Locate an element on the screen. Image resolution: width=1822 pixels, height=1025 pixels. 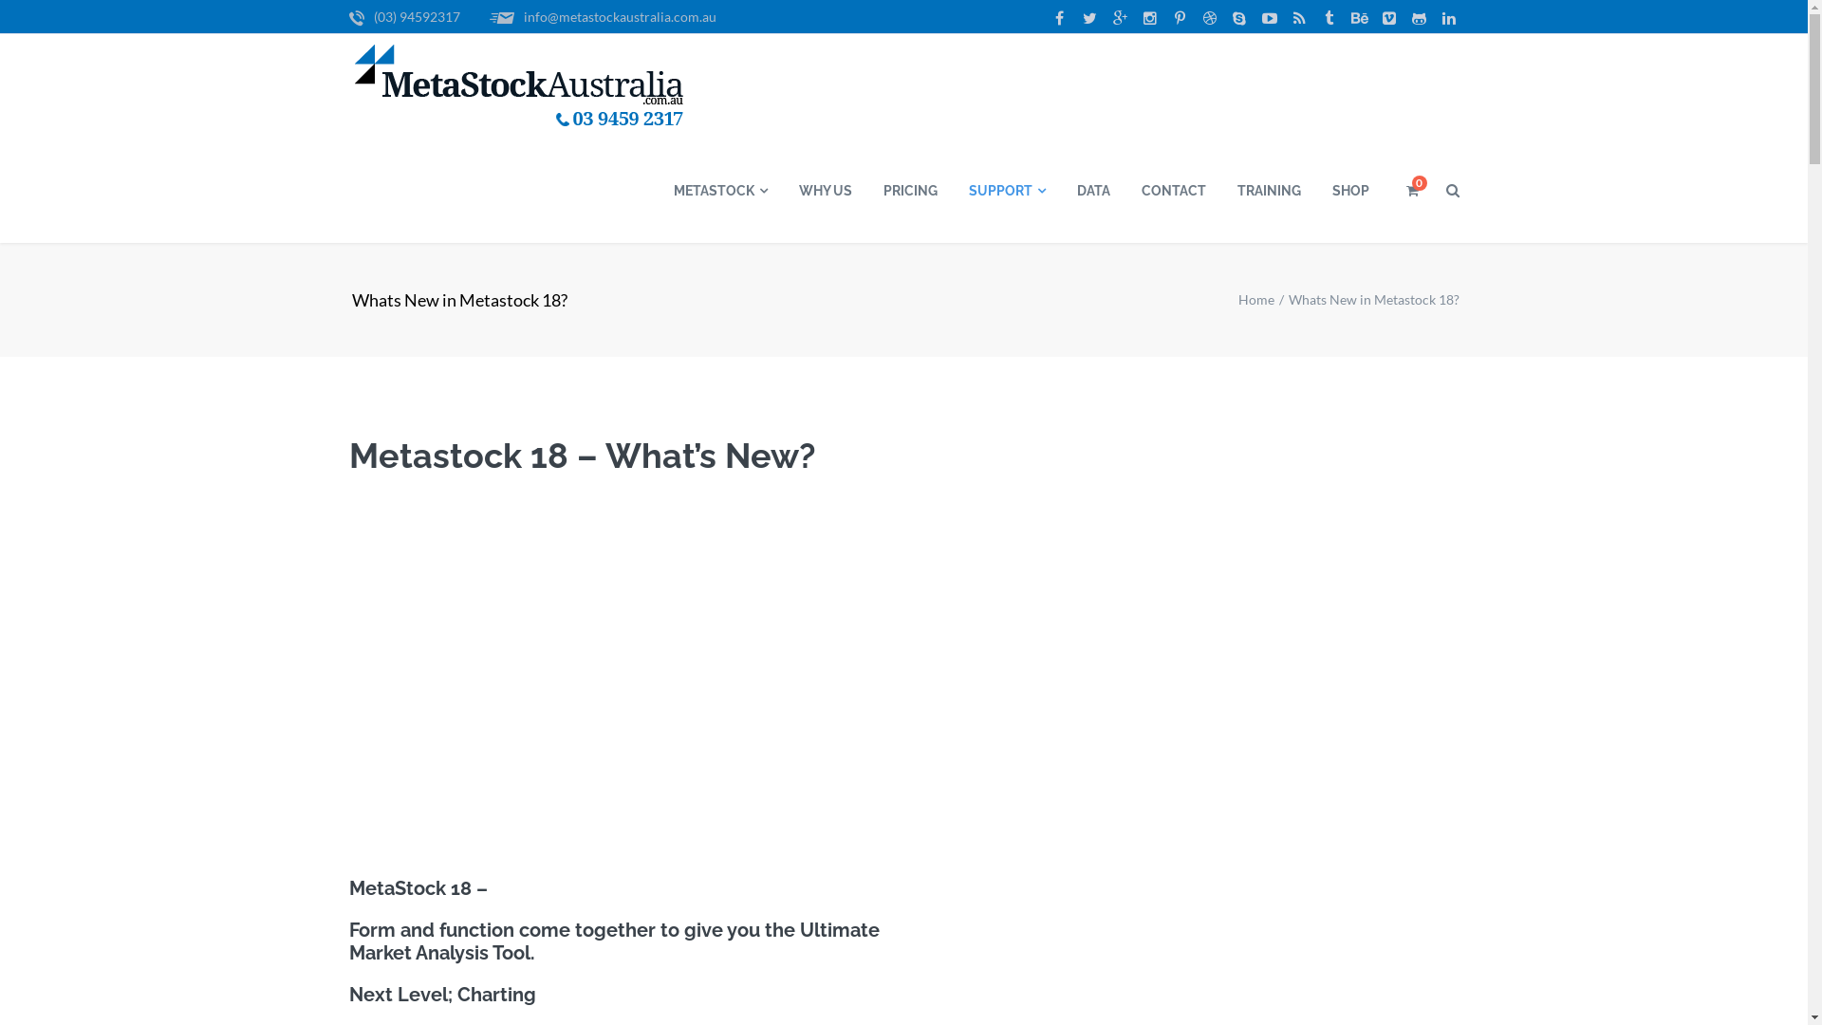
'Home' is located at coordinates (1255, 299).